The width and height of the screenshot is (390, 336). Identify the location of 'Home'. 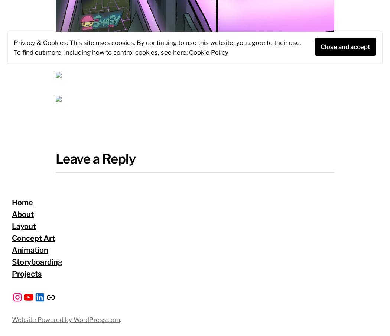
(22, 203).